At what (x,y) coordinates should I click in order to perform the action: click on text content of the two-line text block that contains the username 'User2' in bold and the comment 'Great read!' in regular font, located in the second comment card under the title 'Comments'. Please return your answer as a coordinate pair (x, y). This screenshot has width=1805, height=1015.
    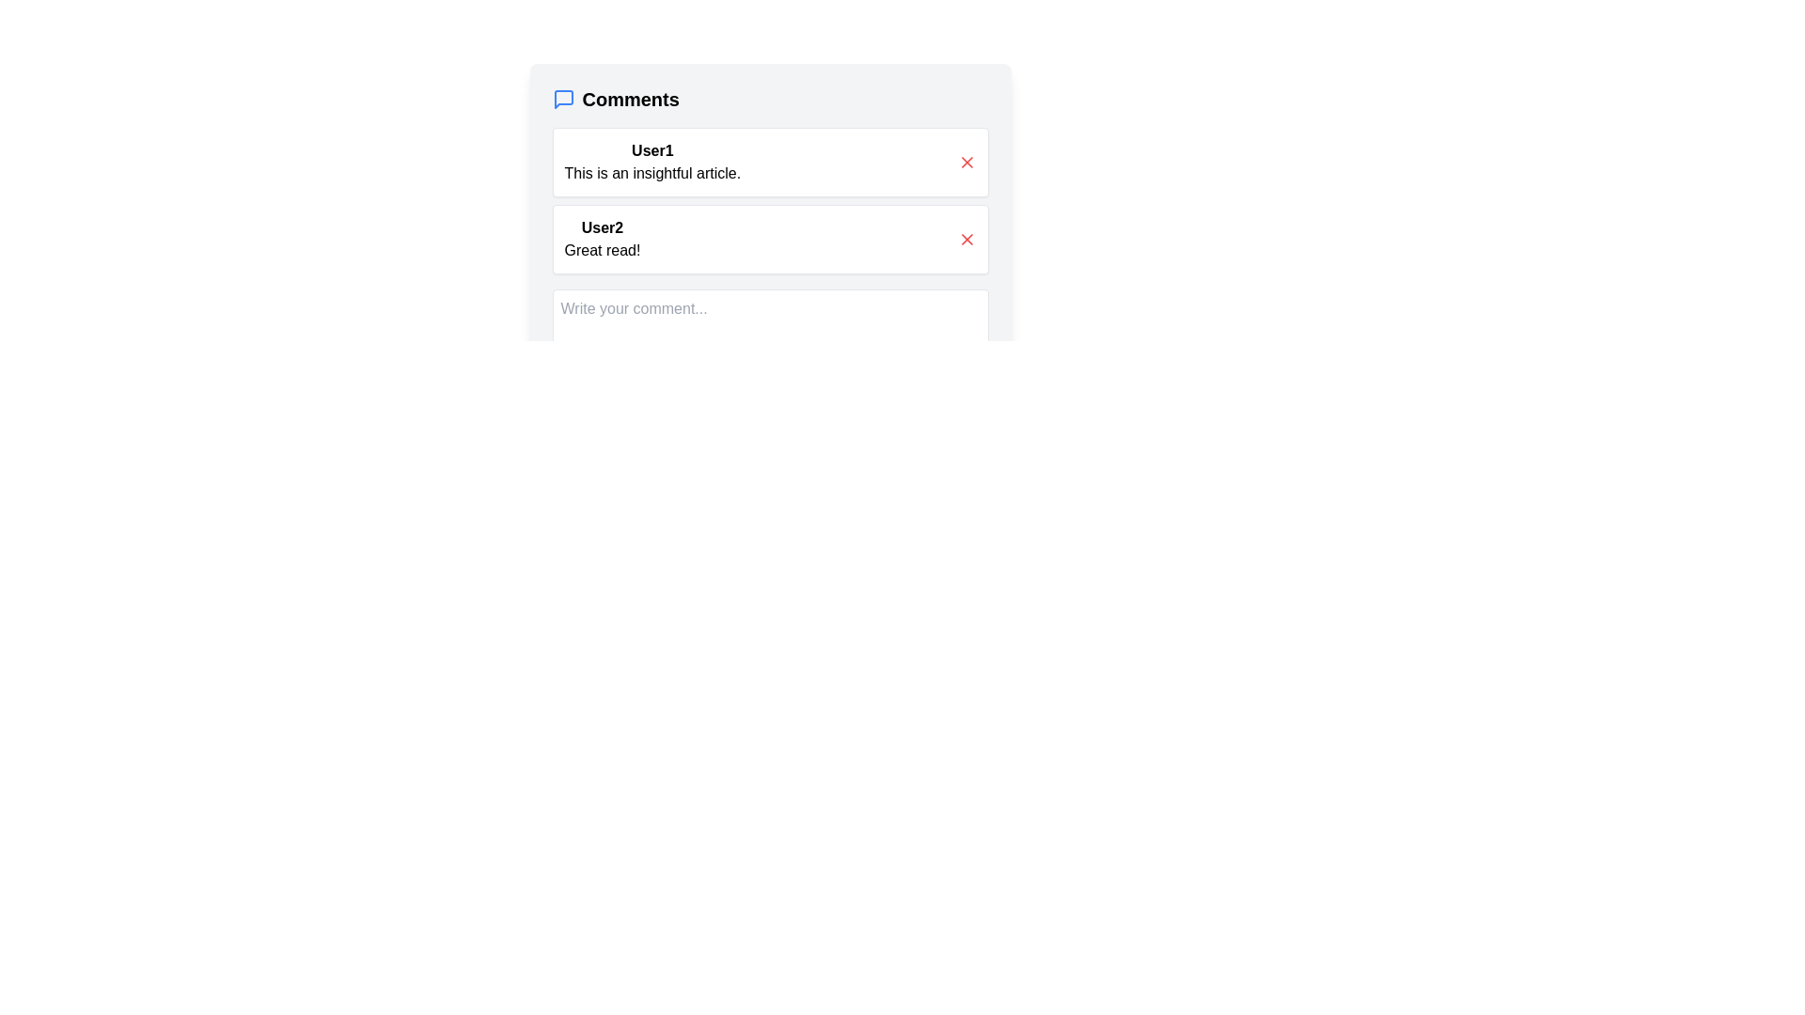
    Looking at the image, I should click on (602, 238).